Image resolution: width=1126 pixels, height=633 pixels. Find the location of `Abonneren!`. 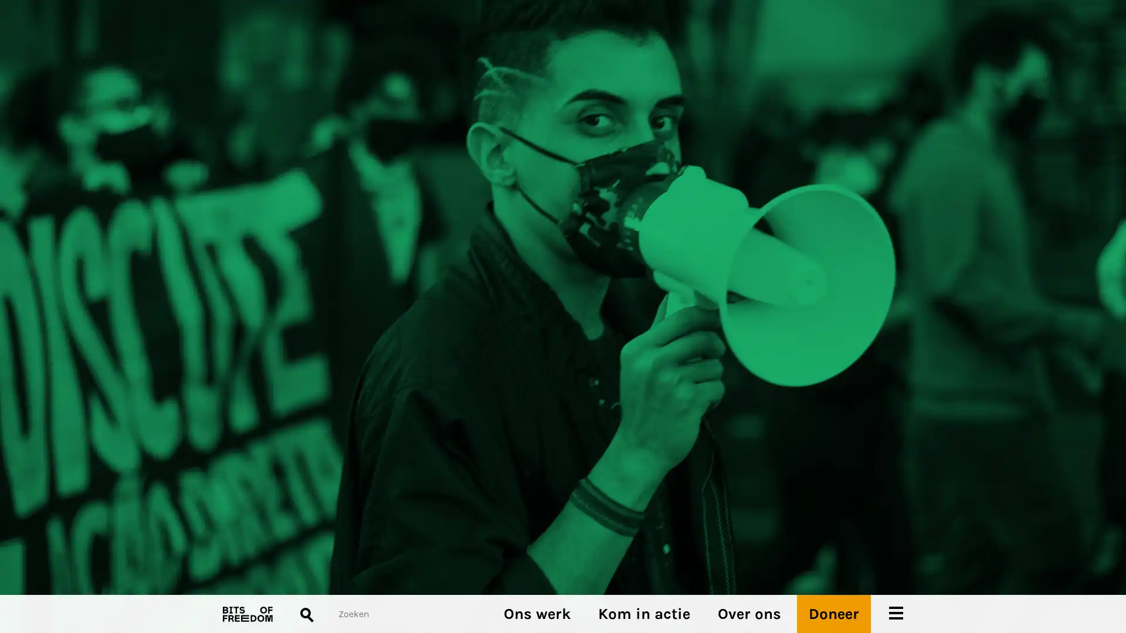

Abonneren! is located at coordinates (244, 348).